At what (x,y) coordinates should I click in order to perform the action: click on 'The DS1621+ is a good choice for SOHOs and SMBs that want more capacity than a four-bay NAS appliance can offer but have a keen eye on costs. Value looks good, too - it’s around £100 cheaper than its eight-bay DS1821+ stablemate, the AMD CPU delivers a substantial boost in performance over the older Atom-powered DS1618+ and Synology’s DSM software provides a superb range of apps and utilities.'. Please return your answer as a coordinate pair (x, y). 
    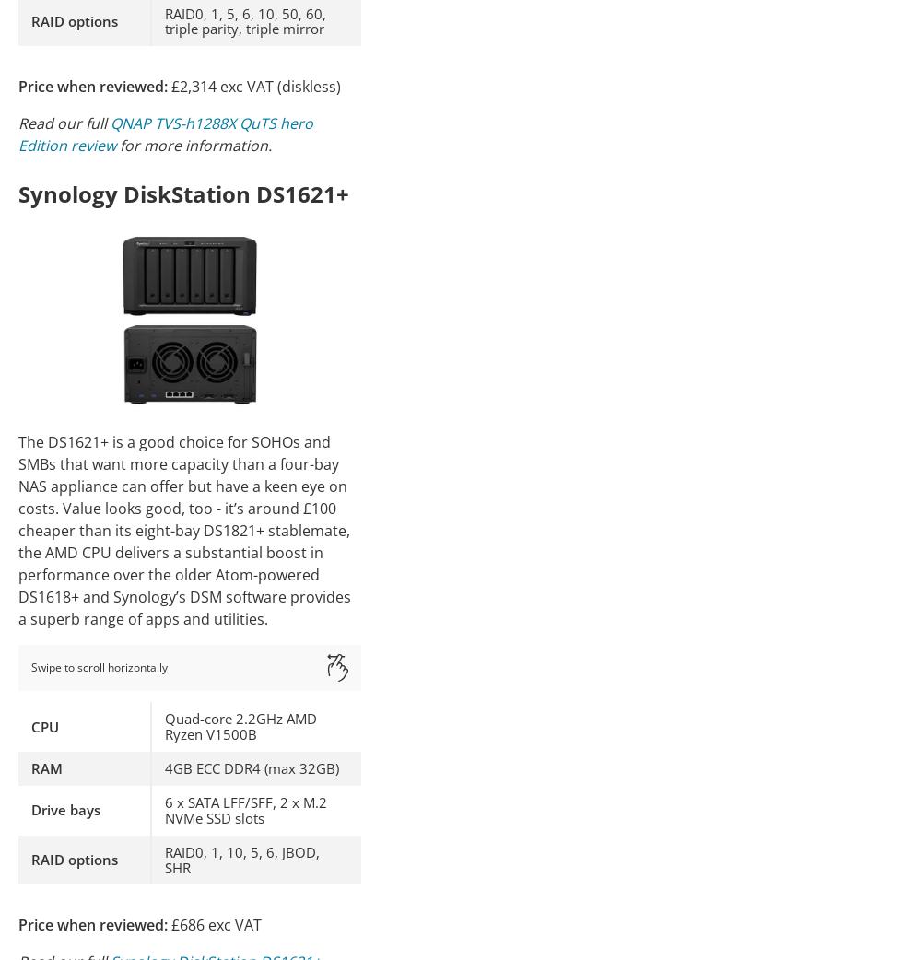
    Looking at the image, I should click on (184, 530).